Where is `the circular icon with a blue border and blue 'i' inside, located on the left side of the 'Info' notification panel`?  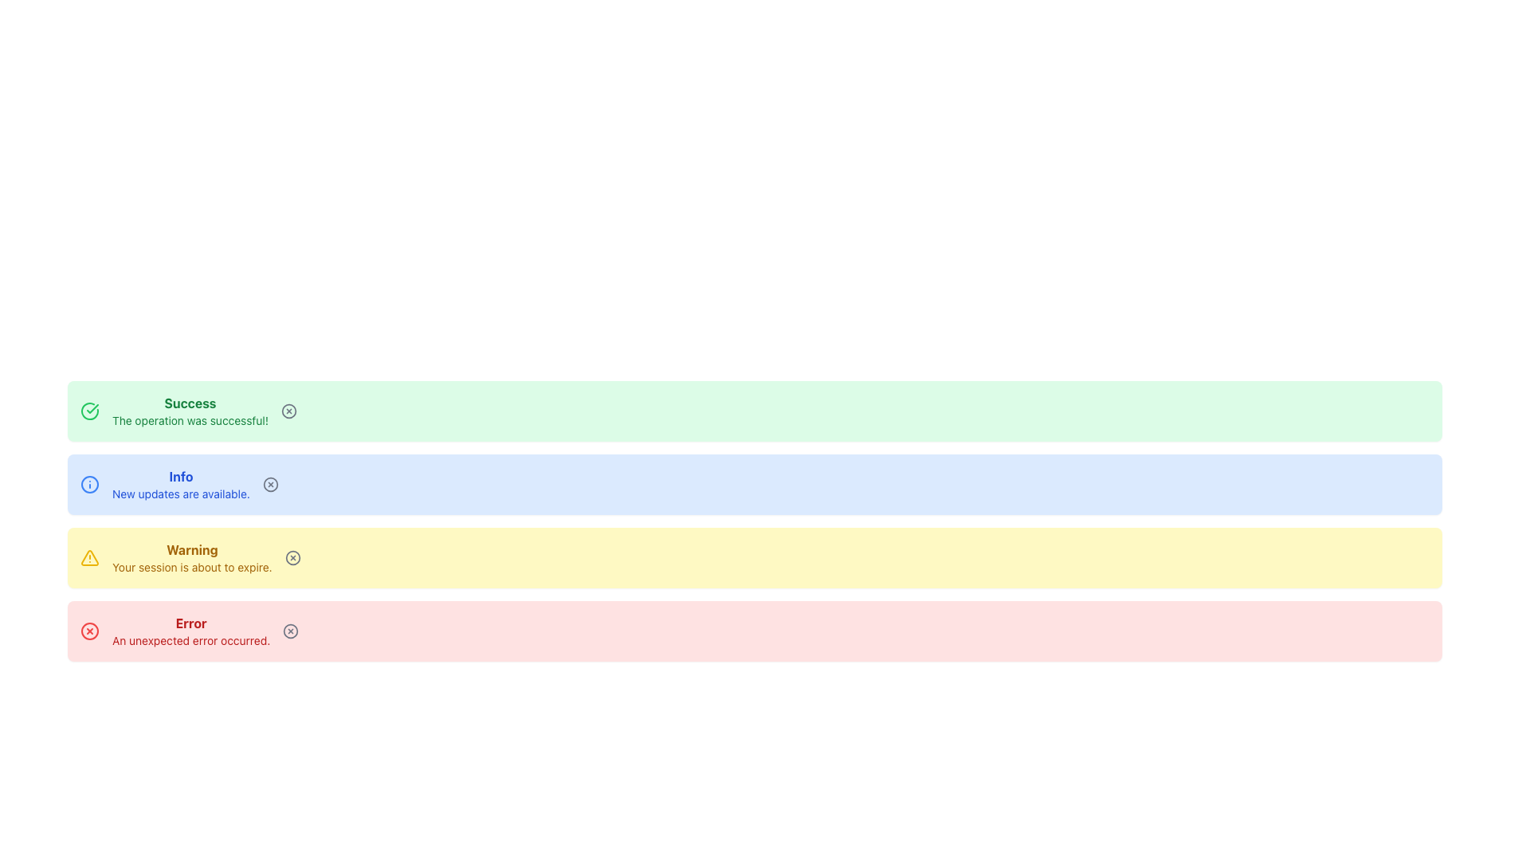
the circular icon with a blue border and blue 'i' inside, located on the left side of the 'Info' notification panel is located at coordinates (89, 484).